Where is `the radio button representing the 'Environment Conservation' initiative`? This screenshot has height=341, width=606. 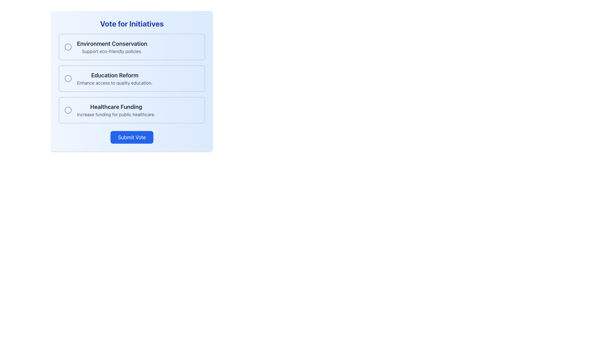
the radio button representing the 'Environment Conservation' initiative is located at coordinates (68, 47).